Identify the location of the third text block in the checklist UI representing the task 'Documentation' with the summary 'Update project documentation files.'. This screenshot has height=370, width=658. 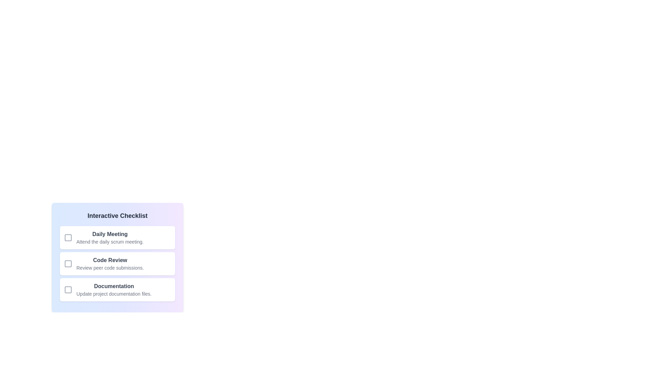
(114, 289).